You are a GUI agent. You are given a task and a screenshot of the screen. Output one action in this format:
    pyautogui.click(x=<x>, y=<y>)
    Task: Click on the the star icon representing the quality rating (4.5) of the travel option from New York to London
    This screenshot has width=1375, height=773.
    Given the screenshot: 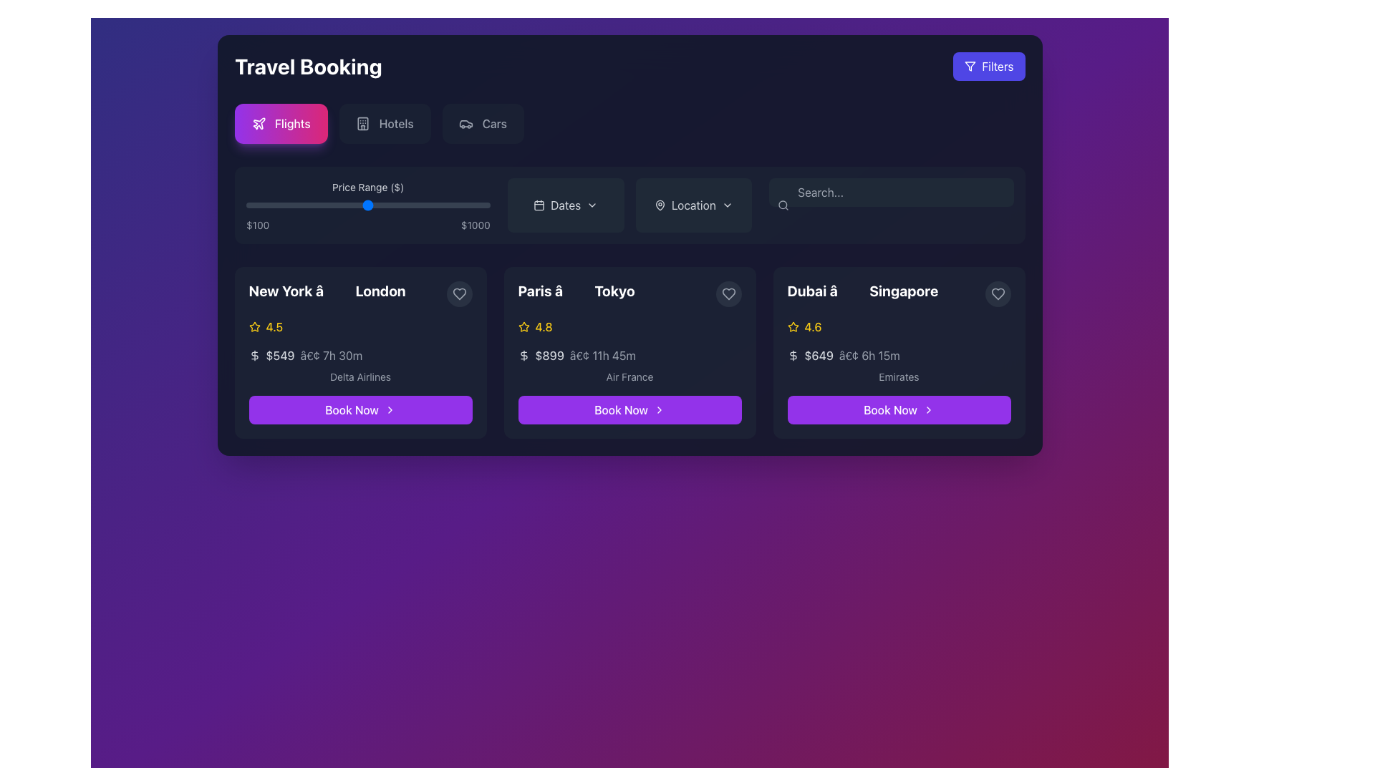 What is the action you would take?
    pyautogui.click(x=254, y=326)
    